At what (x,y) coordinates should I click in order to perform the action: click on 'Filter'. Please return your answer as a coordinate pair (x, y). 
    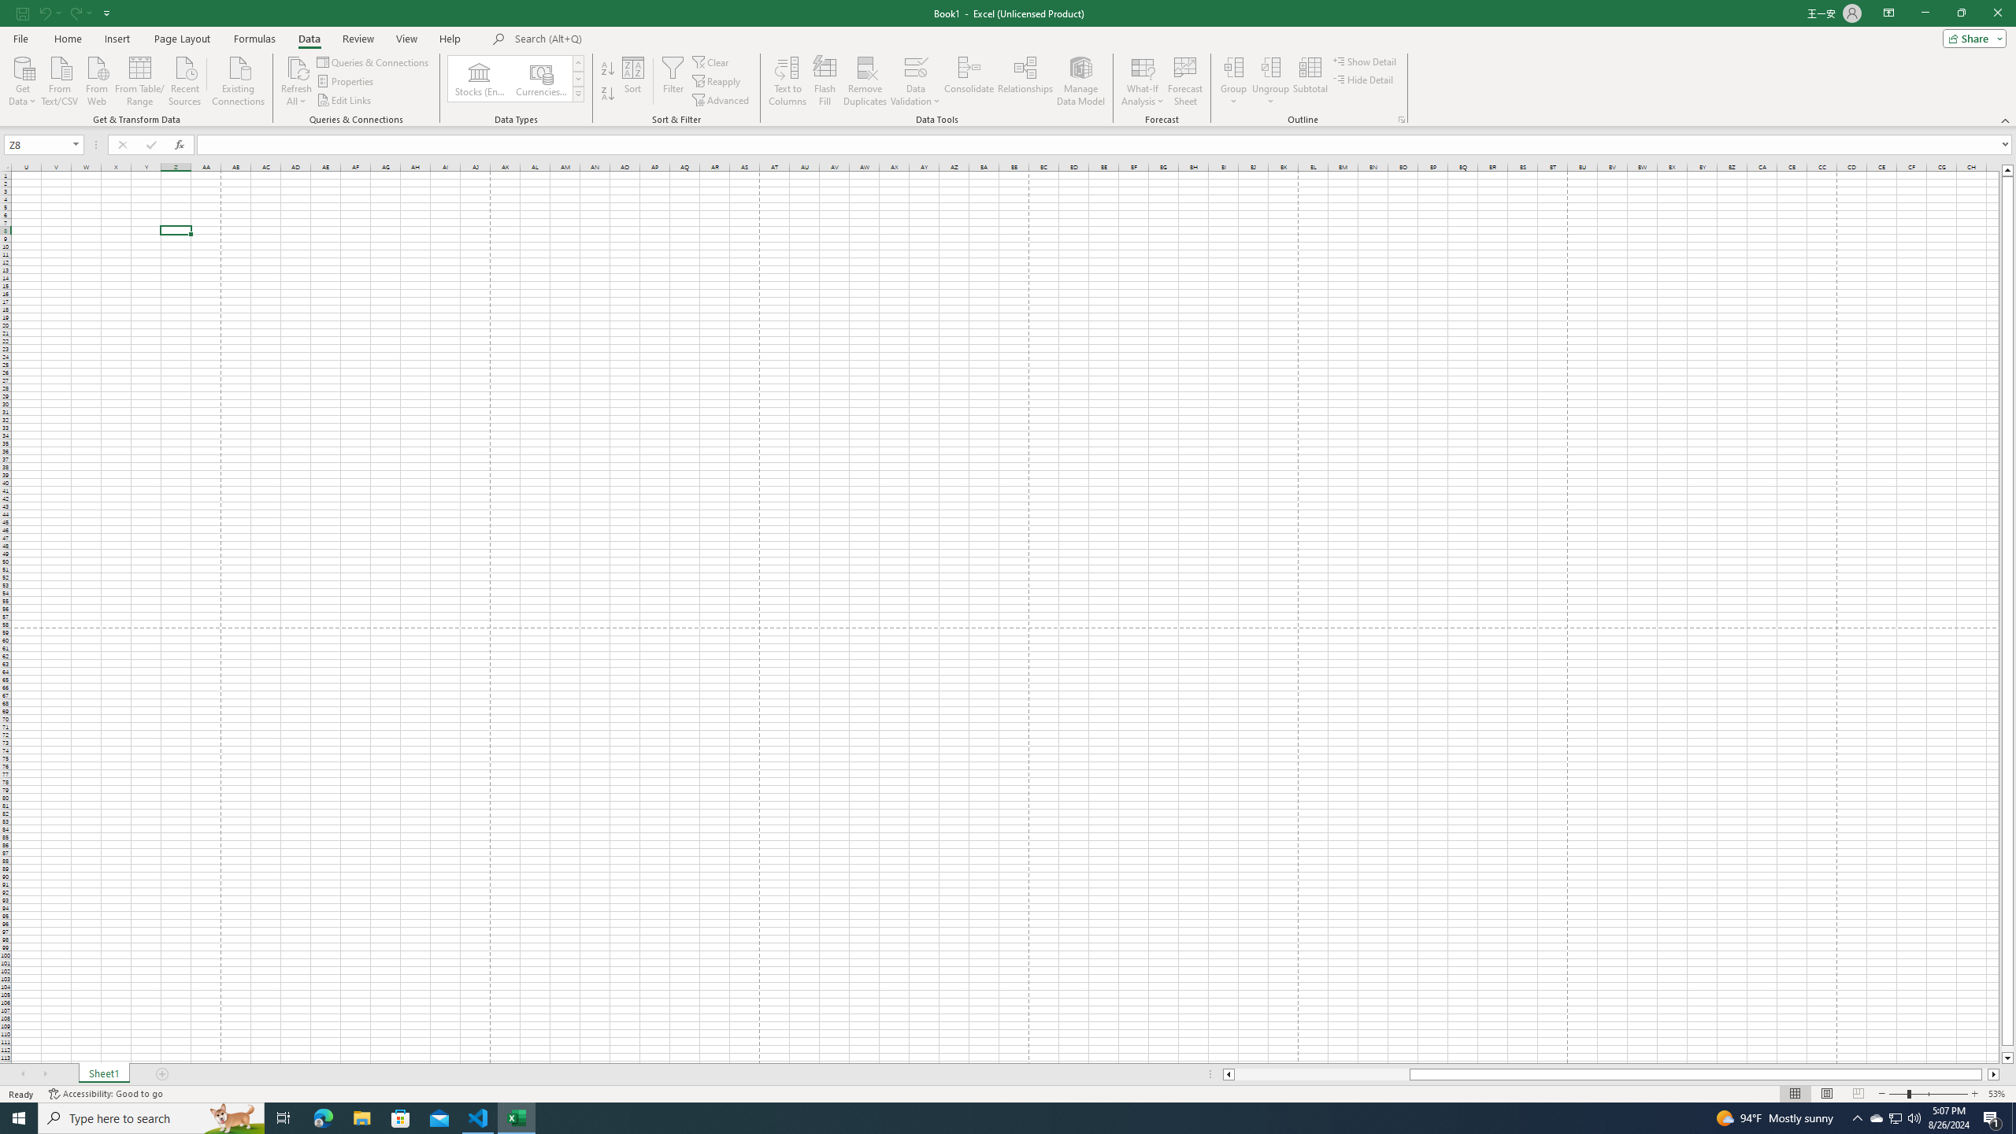
    Looking at the image, I should click on (673, 81).